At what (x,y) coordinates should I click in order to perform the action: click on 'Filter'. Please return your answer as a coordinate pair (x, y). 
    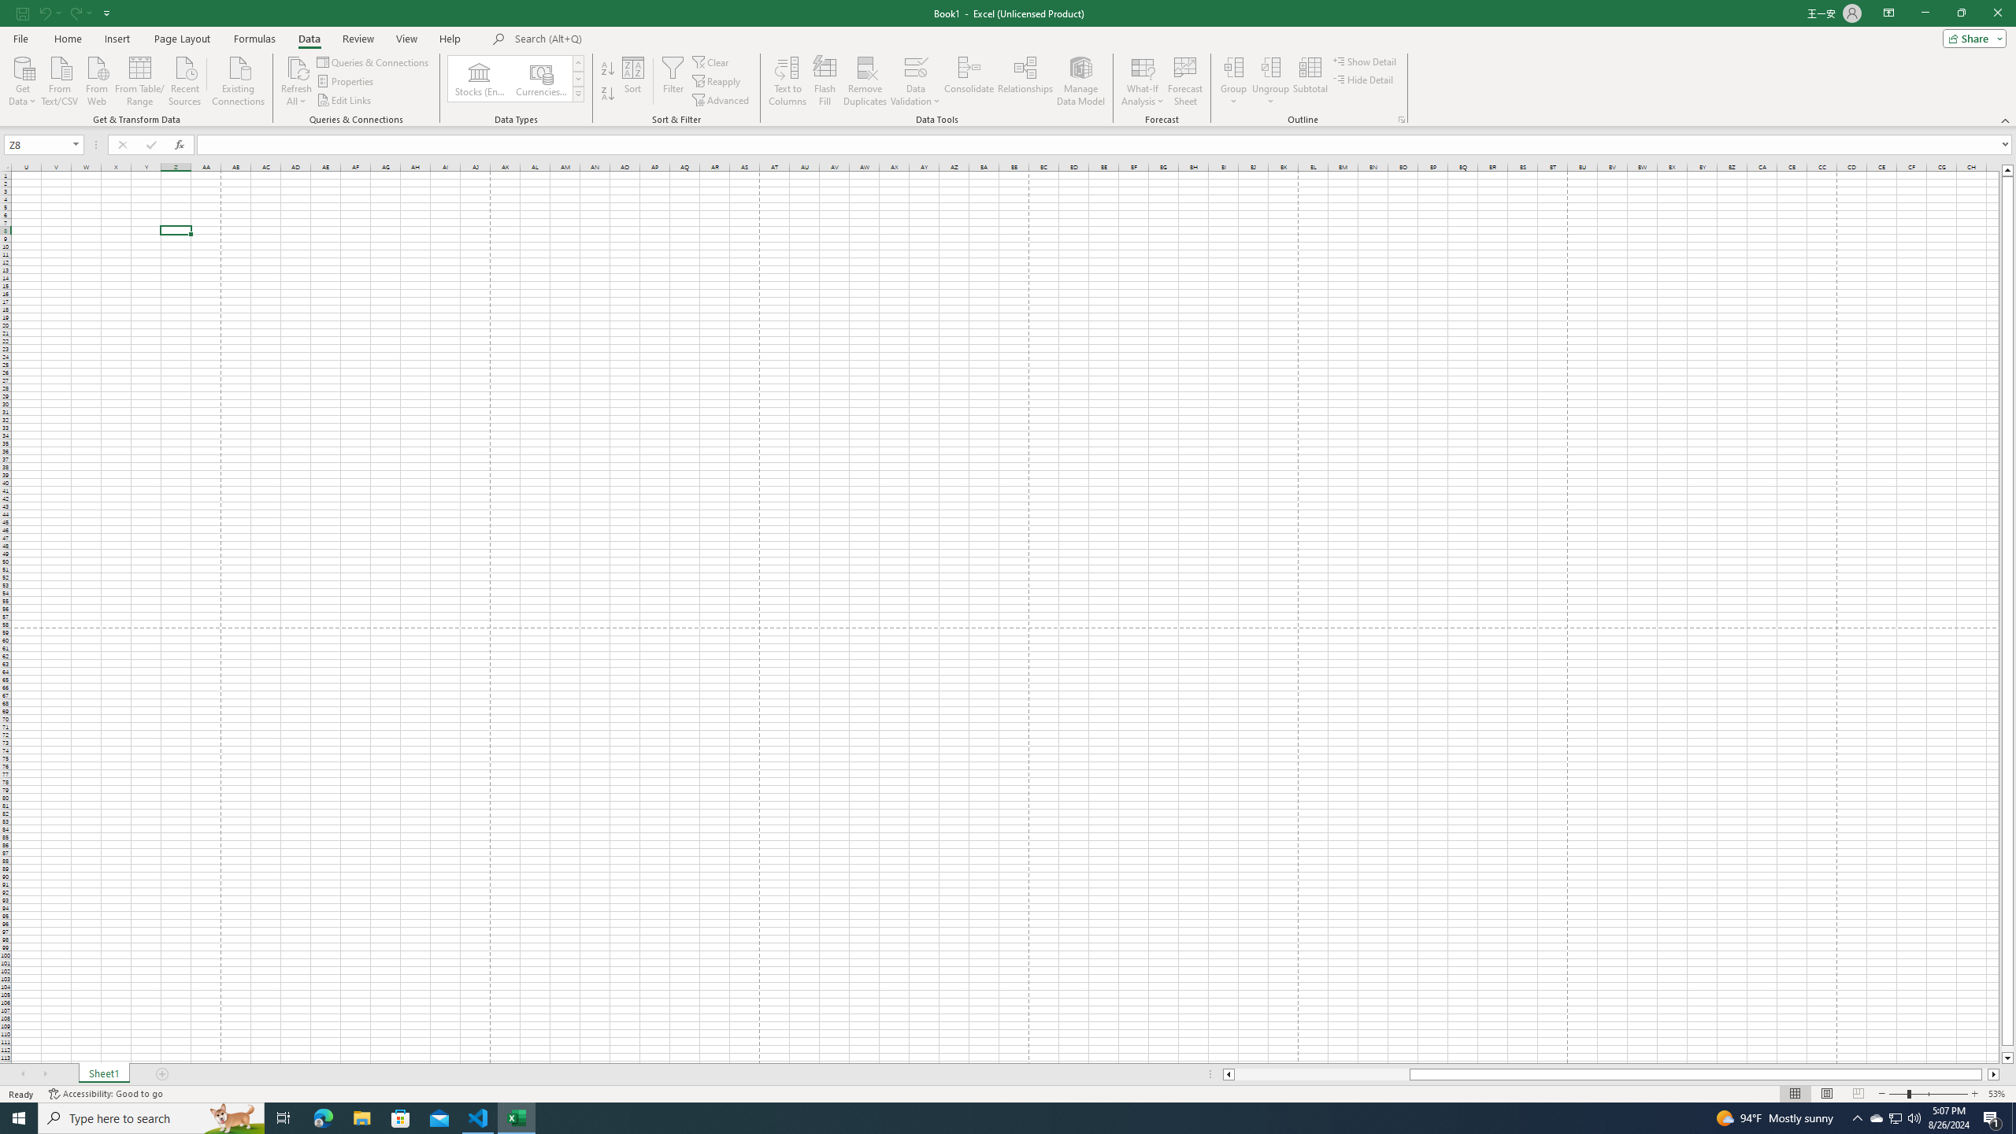
    Looking at the image, I should click on (673, 81).